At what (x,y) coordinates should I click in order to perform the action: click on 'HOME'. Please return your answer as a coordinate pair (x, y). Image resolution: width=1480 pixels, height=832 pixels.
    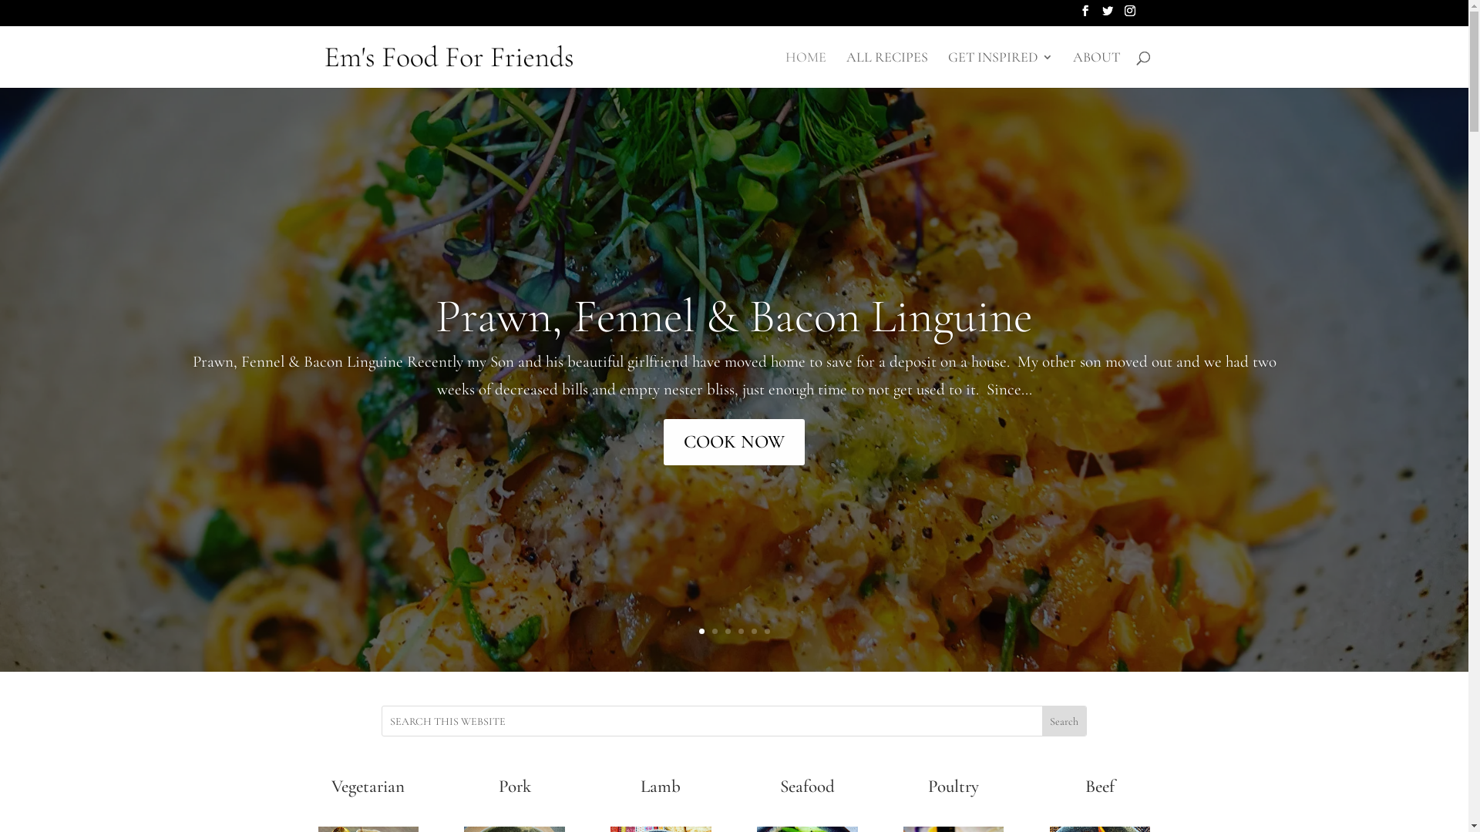
    Looking at the image, I should click on (784, 68).